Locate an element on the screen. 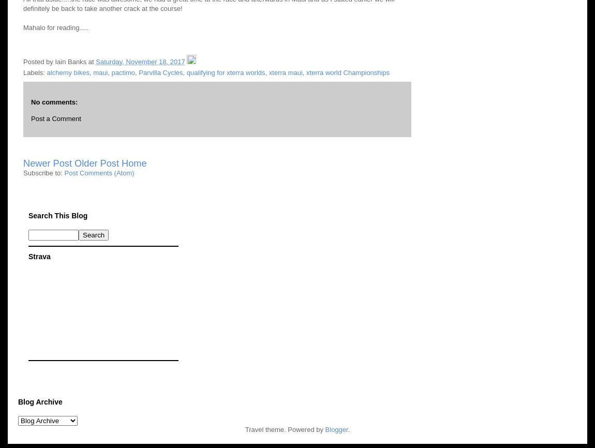 The image size is (595, 448). 'Labels:' is located at coordinates (34, 72).